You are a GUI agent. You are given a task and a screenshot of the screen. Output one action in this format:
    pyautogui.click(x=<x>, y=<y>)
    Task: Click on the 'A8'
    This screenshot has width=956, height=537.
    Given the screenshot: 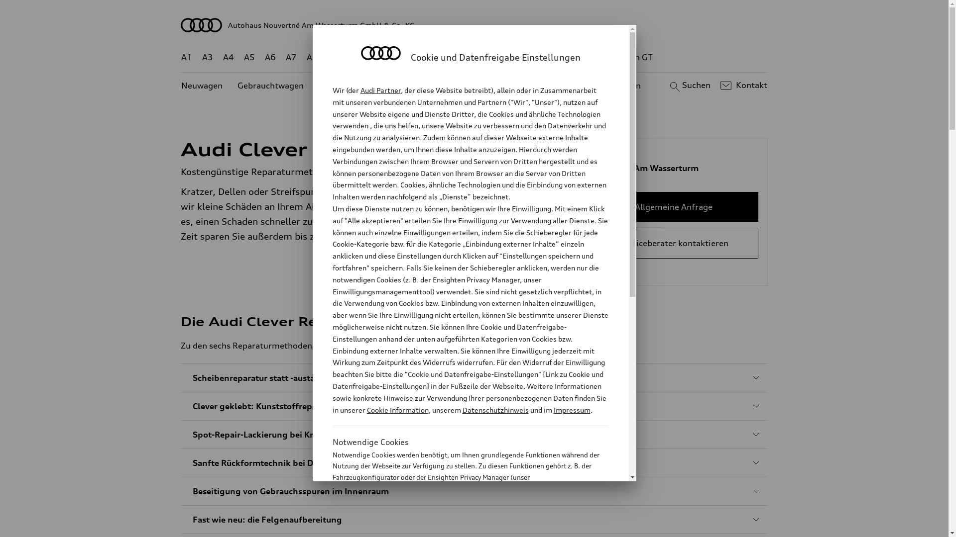 What is the action you would take?
    pyautogui.click(x=312, y=57)
    